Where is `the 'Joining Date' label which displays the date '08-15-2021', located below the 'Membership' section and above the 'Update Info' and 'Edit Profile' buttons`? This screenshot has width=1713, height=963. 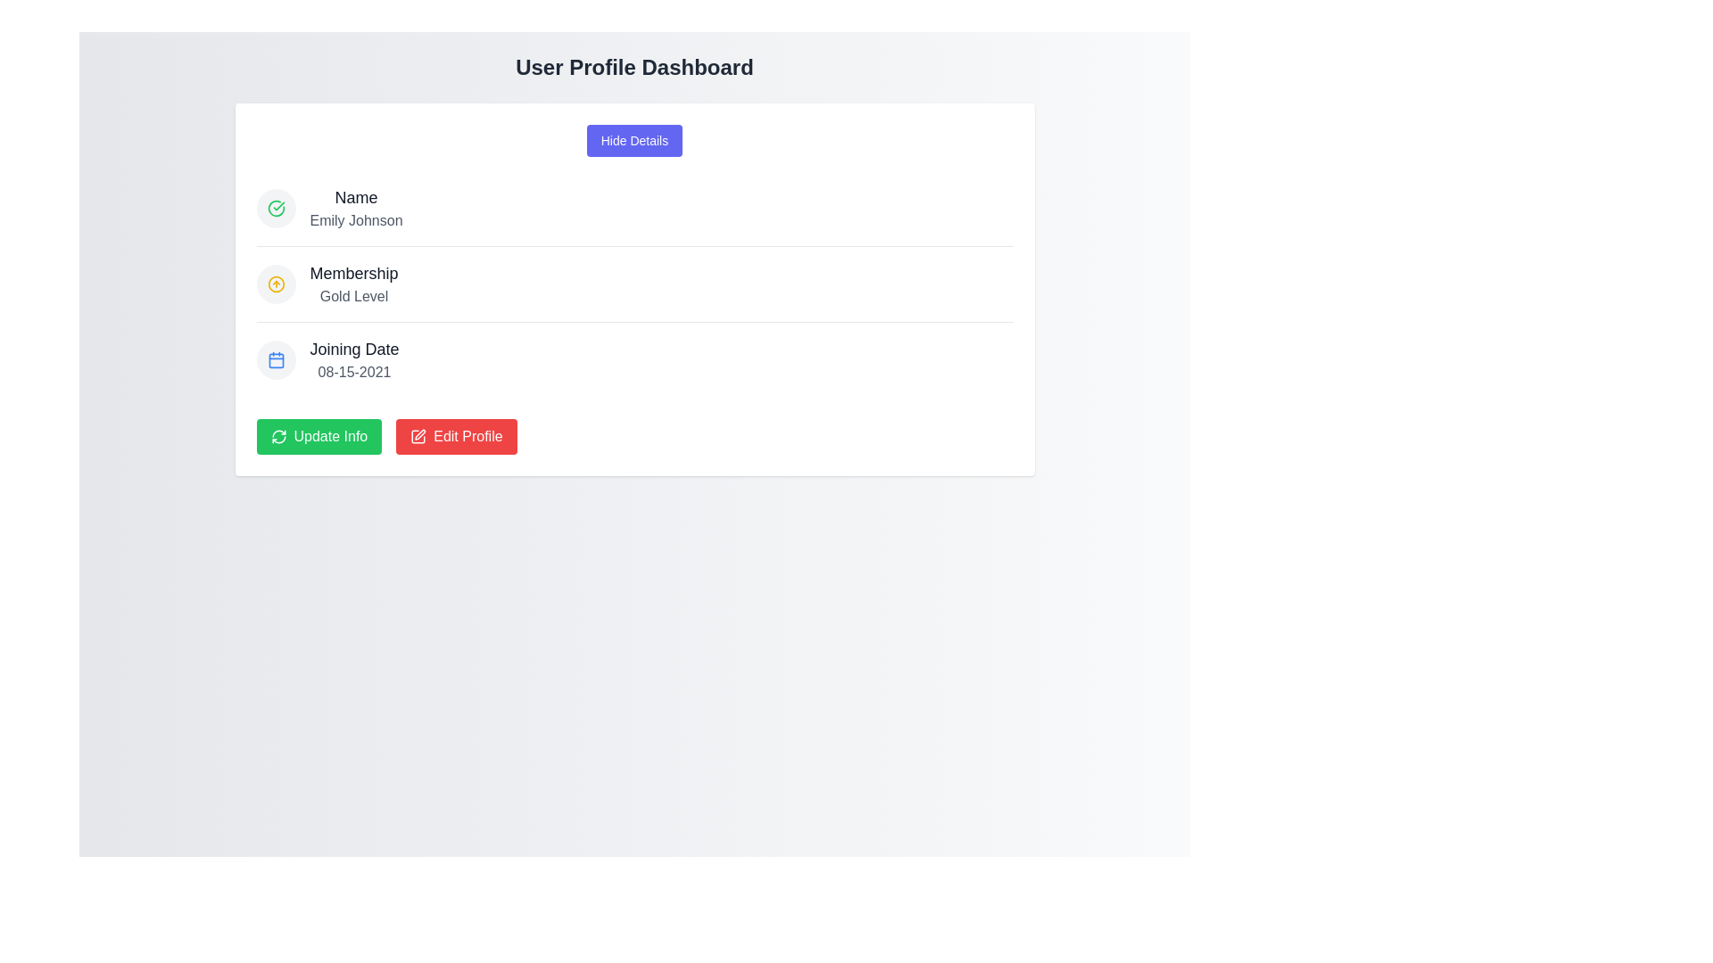
the 'Joining Date' label which displays the date '08-15-2021', located below the 'Membership' section and above the 'Update Info' and 'Edit Profile' buttons is located at coordinates (354, 360).